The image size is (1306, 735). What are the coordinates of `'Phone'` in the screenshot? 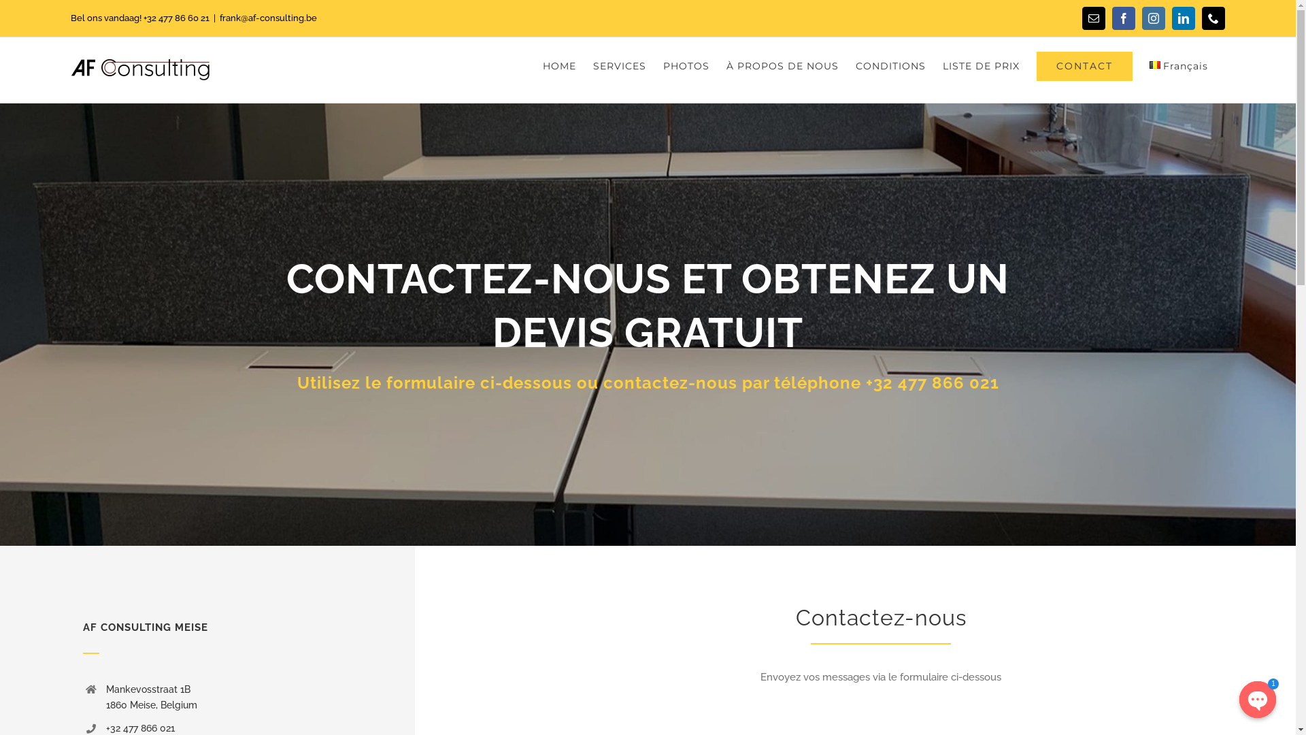 It's located at (1213, 18).